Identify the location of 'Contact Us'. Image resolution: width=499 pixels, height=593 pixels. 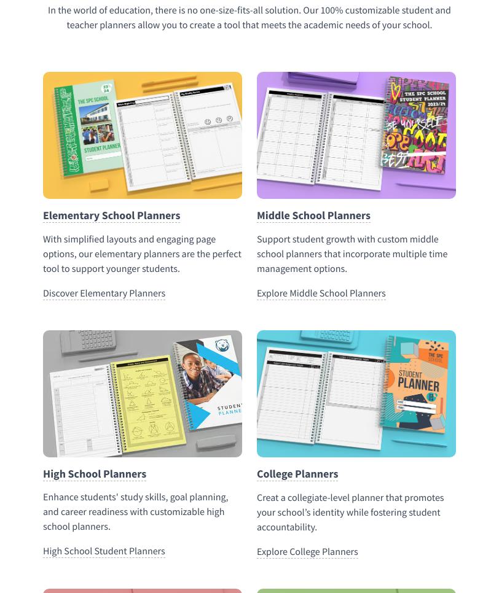
(55, 371).